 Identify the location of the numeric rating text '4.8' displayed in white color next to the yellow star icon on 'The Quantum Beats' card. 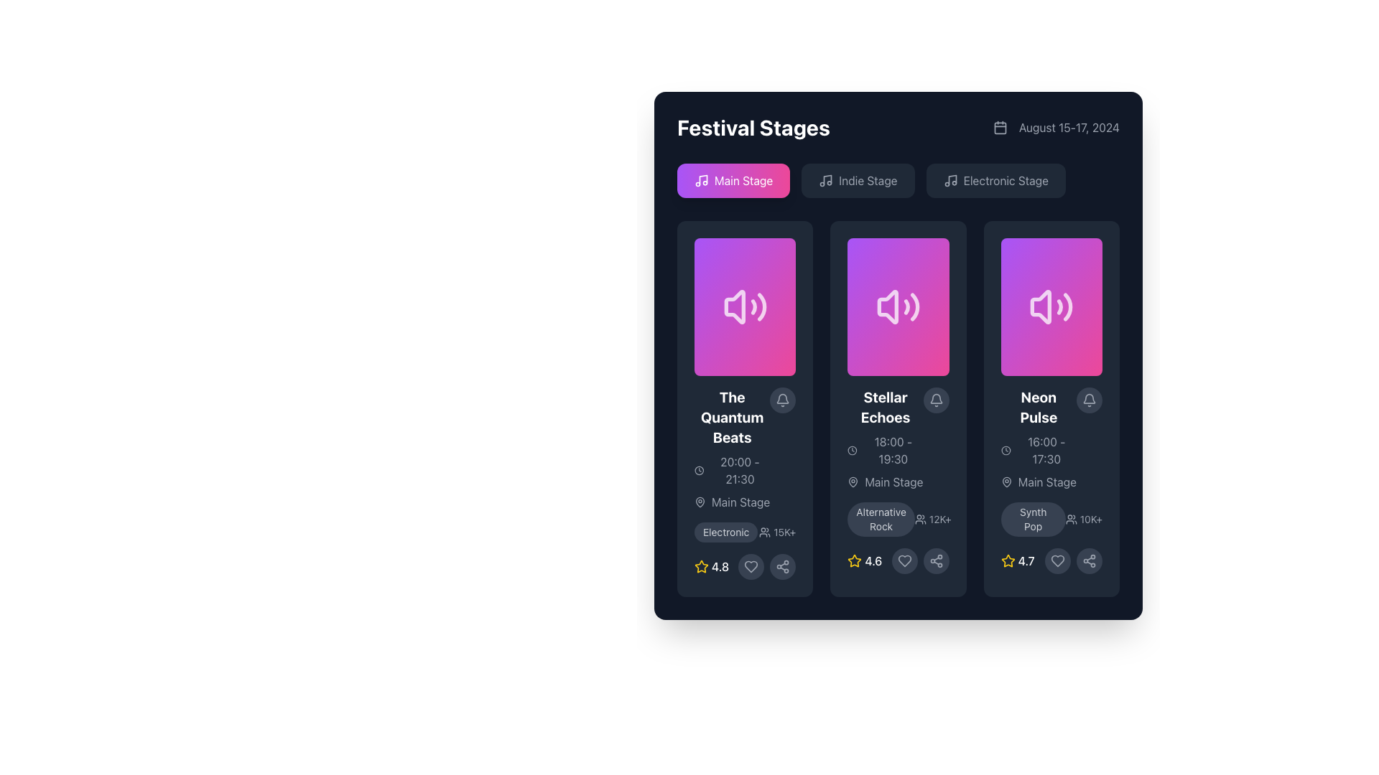
(720, 566).